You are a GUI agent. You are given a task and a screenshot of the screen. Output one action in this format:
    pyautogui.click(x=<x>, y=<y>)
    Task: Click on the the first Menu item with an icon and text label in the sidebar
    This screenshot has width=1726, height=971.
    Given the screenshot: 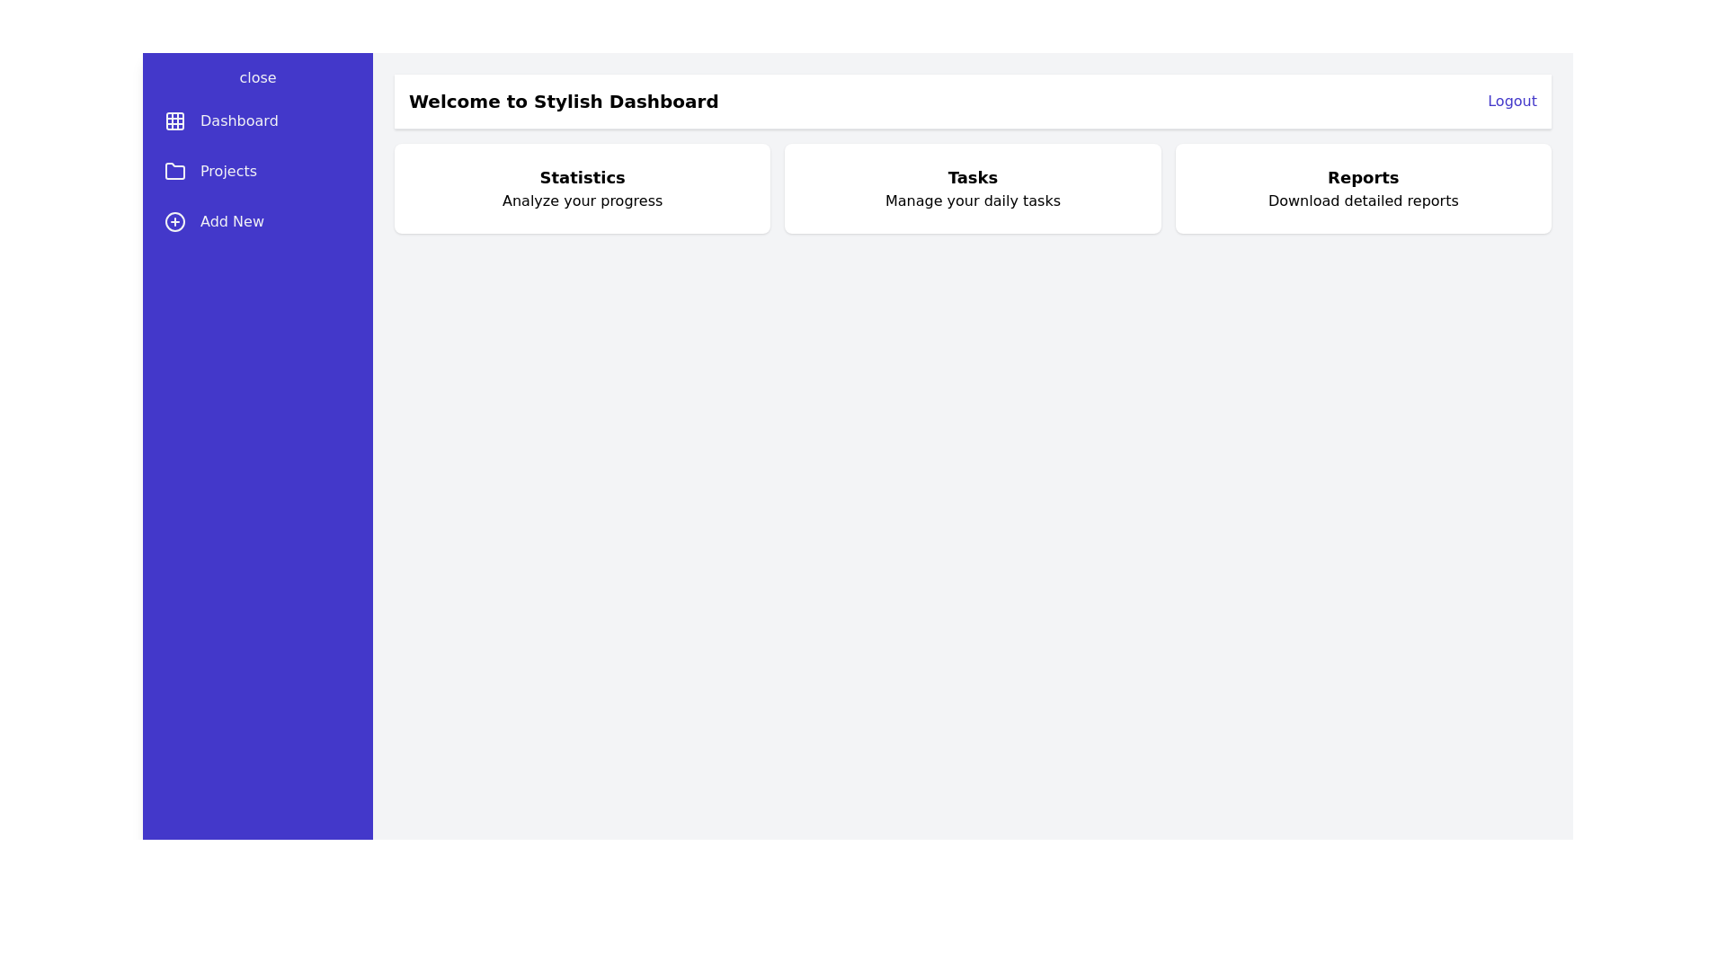 What is the action you would take?
    pyautogui.click(x=257, y=121)
    